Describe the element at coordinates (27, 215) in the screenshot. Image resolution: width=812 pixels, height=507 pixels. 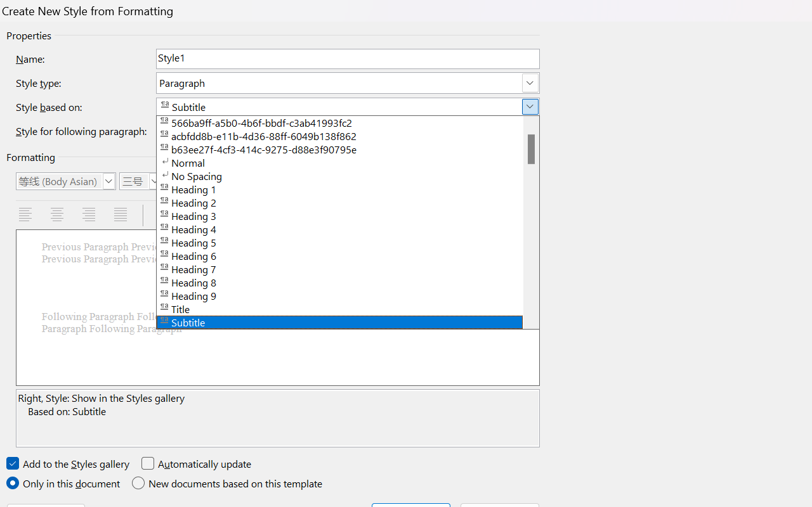
I see `'Align Left'` at that location.